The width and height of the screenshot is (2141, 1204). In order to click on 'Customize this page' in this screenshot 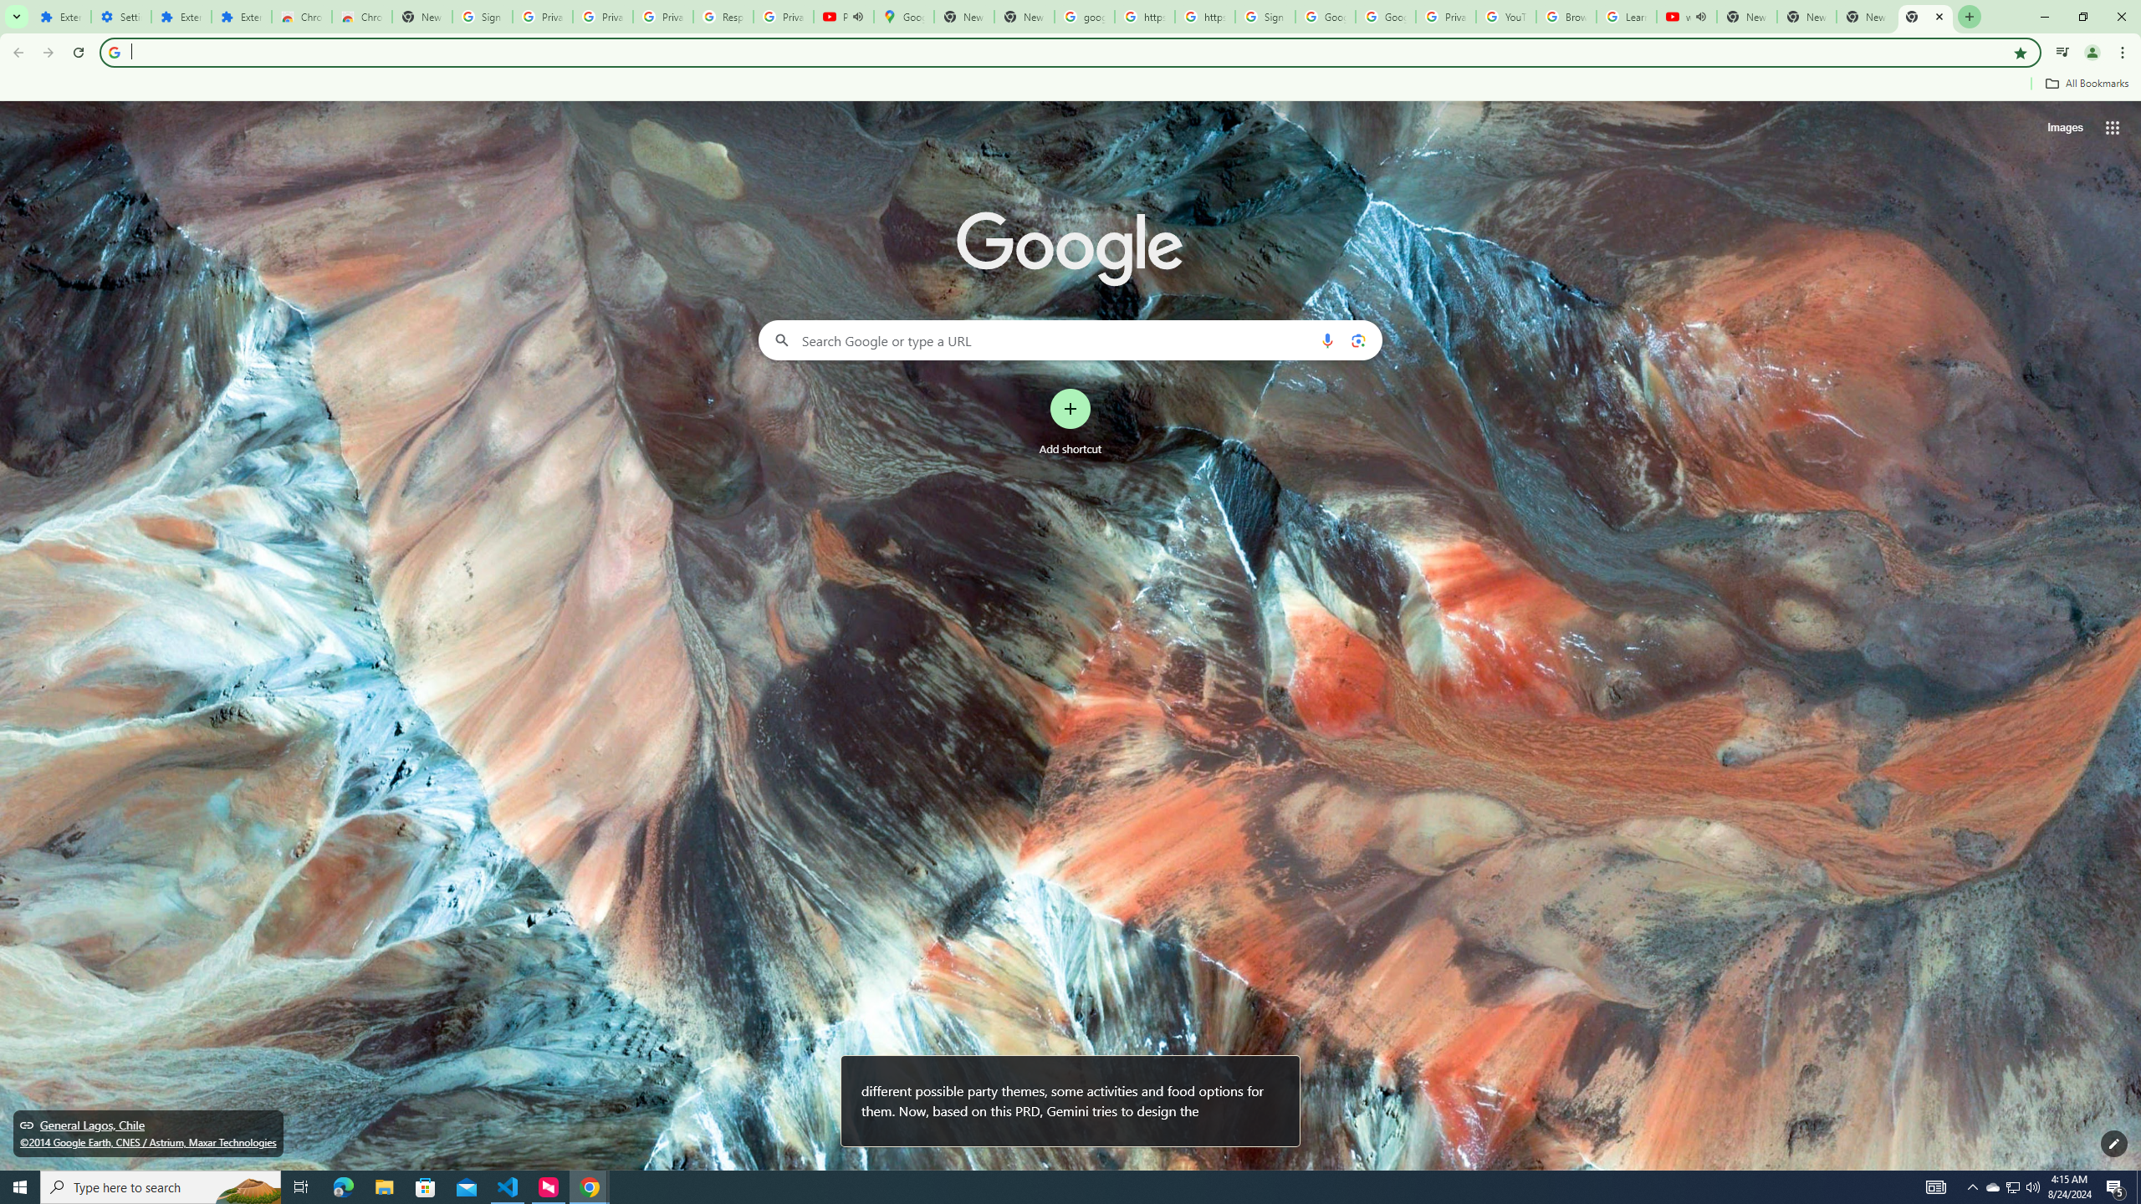, I will do `click(2113, 1143)`.